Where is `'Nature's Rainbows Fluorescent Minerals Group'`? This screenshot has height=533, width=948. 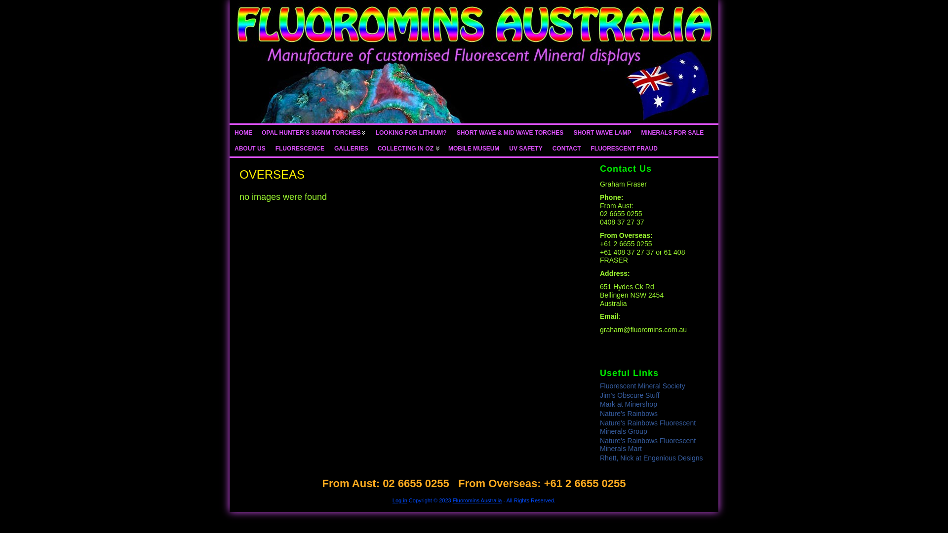 'Nature's Rainbows Fluorescent Minerals Group' is located at coordinates (647, 426).